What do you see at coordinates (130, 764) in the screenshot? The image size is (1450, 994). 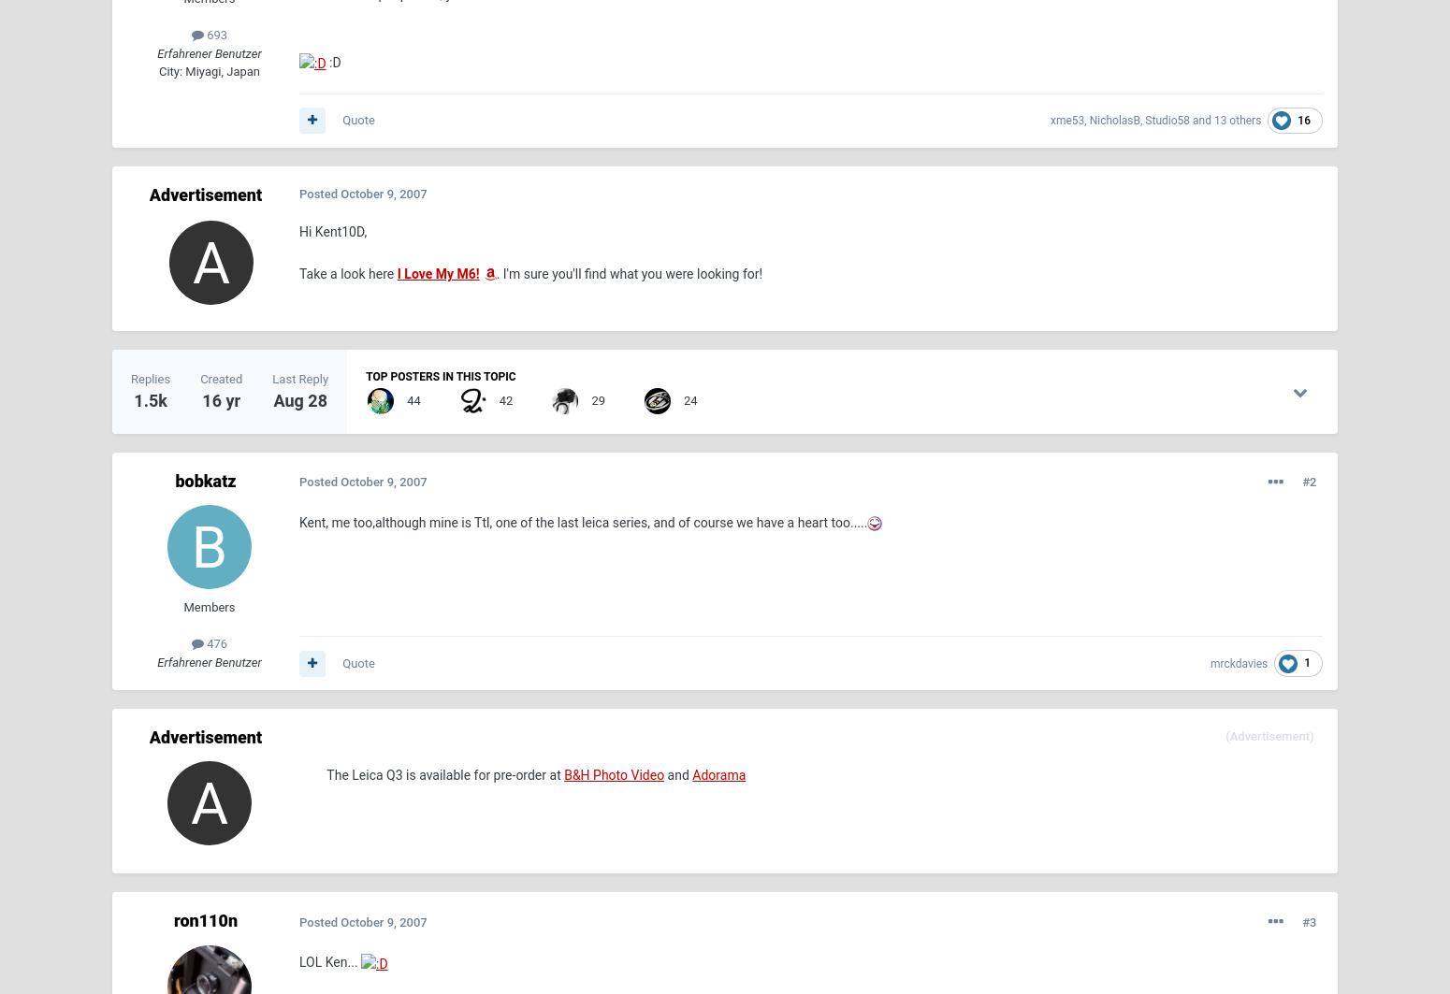 I see `'Home'` at bounding box center [130, 764].